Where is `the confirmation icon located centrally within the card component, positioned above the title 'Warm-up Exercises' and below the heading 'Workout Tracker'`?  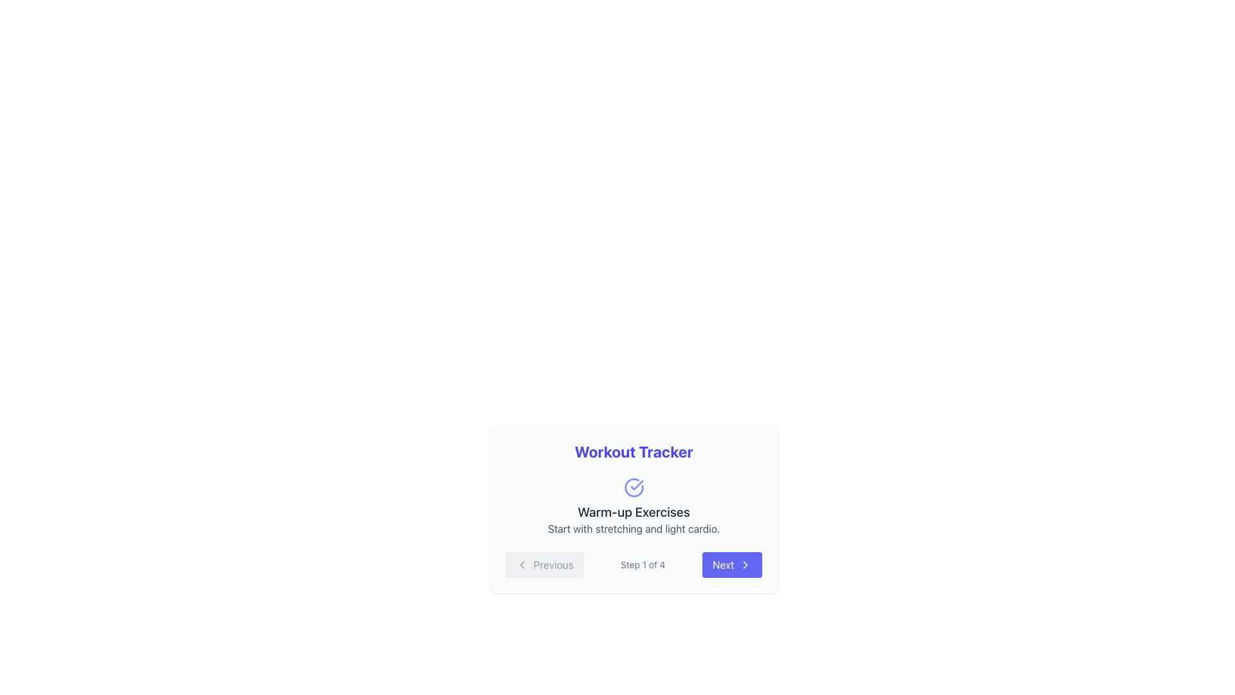
the confirmation icon located centrally within the card component, positioned above the title 'Warm-up Exercises' and below the heading 'Workout Tracker' is located at coordinates (634, 488).